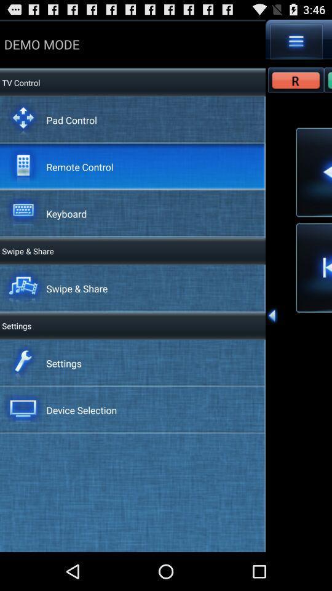  I want to click on the keyboard, so click(66, 214).